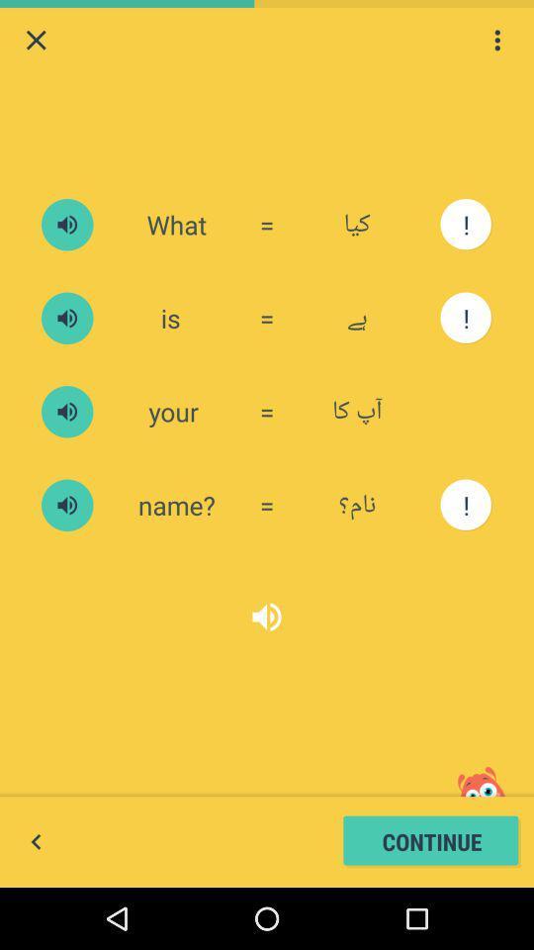 The height and width of the screenshot is (950, 534). Describe the element at coordinates (36, 39) in the screenshot. I see `click here to close this page` at that location.